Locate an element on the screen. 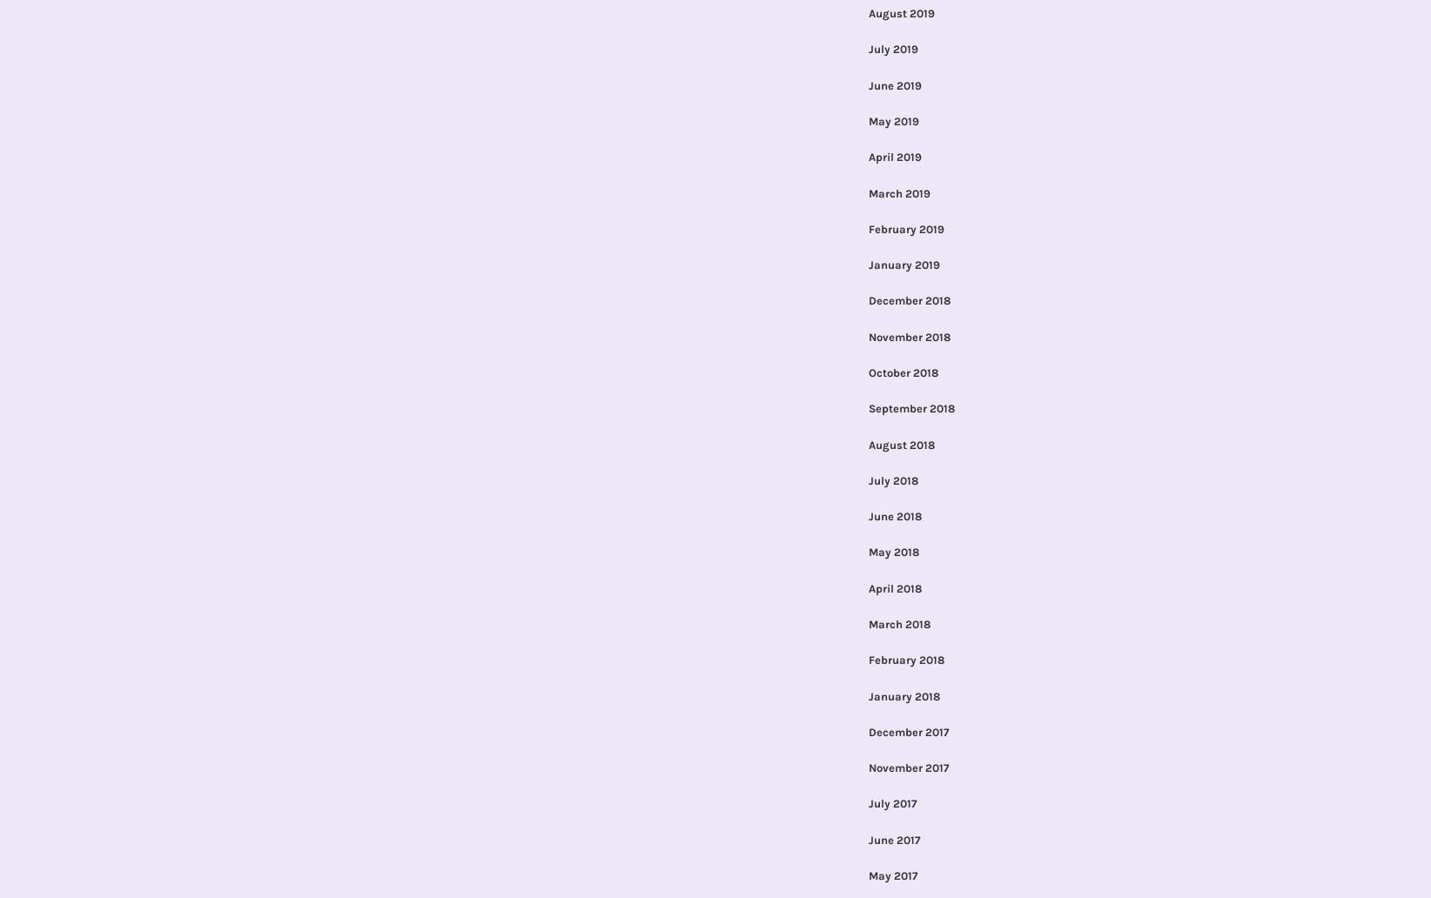 This screenshot has width=1431, height=898. 'July 2019' is located at coordinates (891, 49).